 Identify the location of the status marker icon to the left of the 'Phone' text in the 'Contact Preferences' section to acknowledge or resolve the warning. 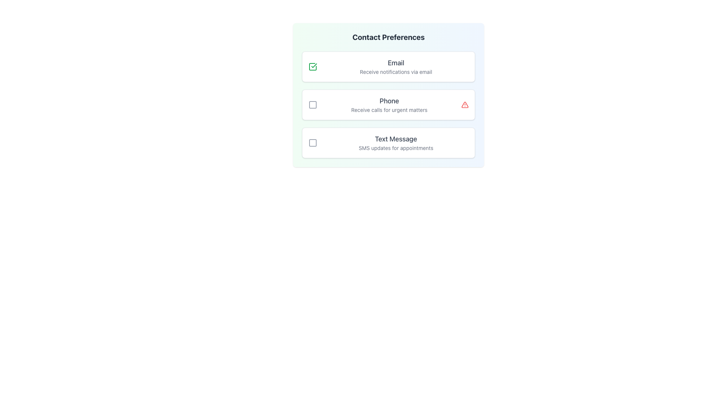
(313, 105).